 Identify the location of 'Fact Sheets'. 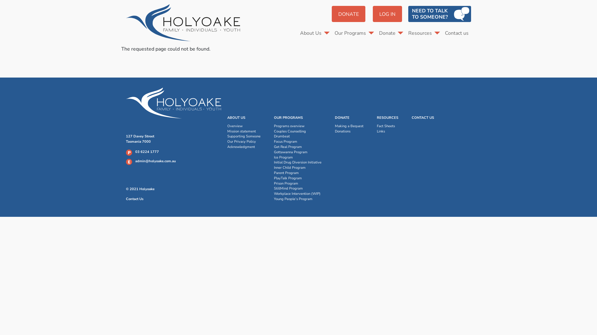
(387, 126).